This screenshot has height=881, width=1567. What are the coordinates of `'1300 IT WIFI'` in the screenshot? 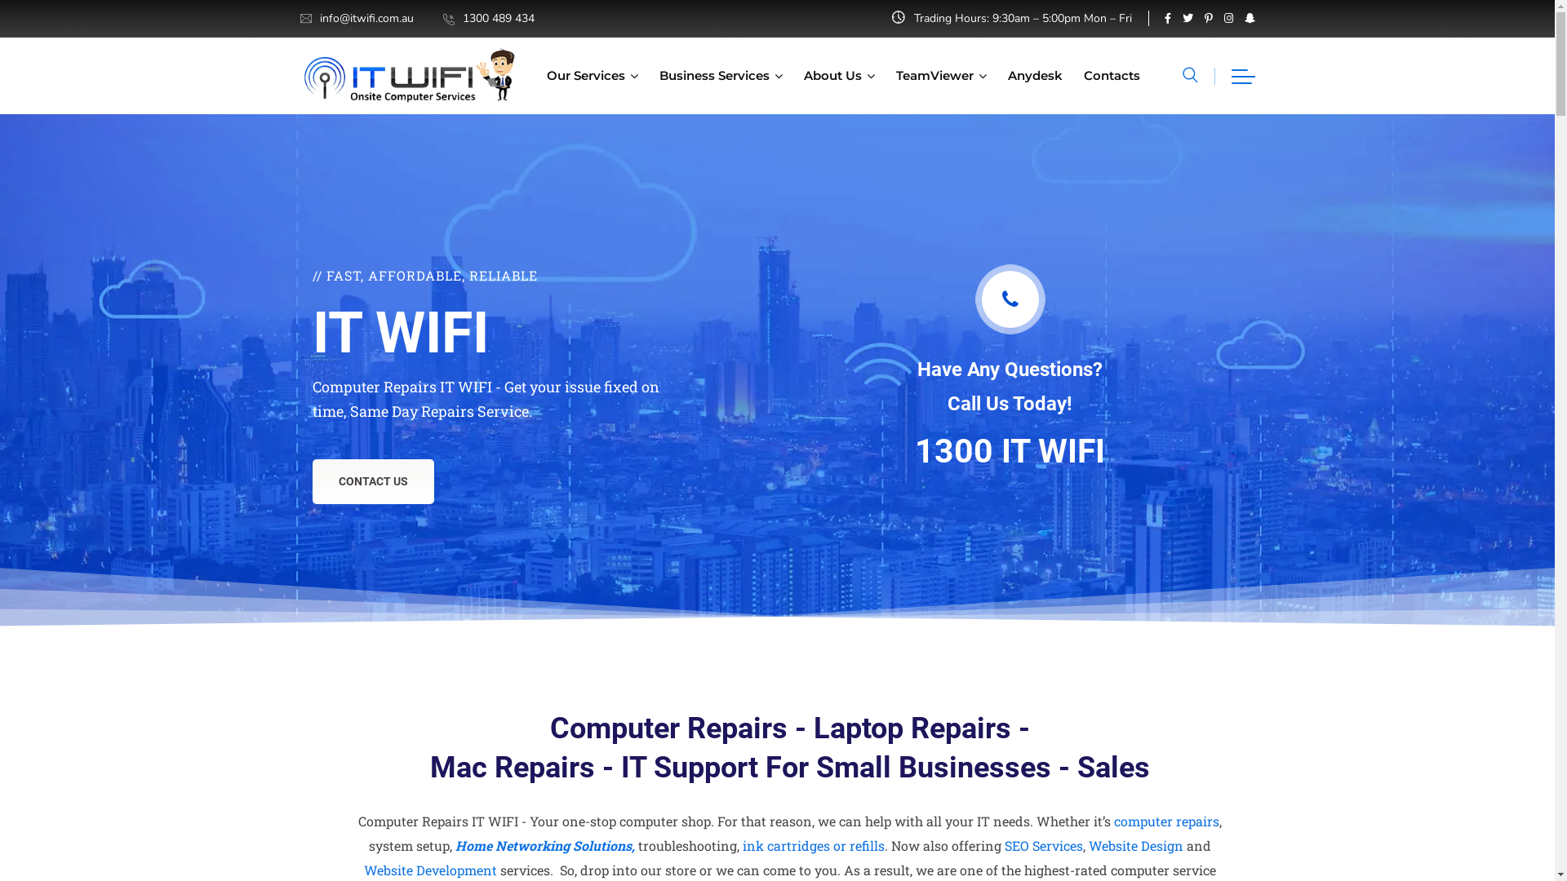 It's located at (915, 450).